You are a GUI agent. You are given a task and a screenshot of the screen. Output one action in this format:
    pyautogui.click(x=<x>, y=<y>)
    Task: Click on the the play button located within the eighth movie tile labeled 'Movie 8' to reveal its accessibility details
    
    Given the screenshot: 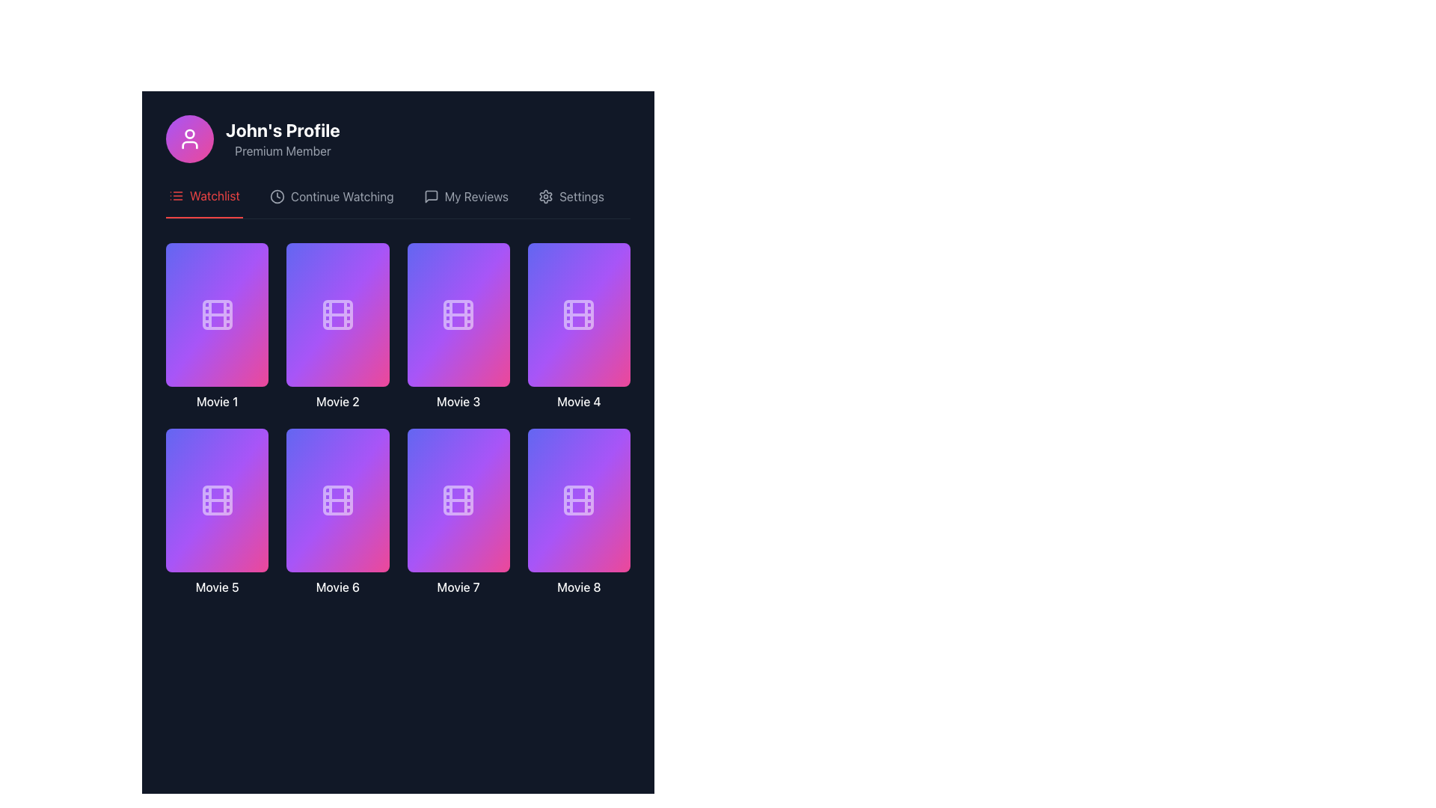 What is the action you would take?
    pyautogui.click(x=578, y=493)
    